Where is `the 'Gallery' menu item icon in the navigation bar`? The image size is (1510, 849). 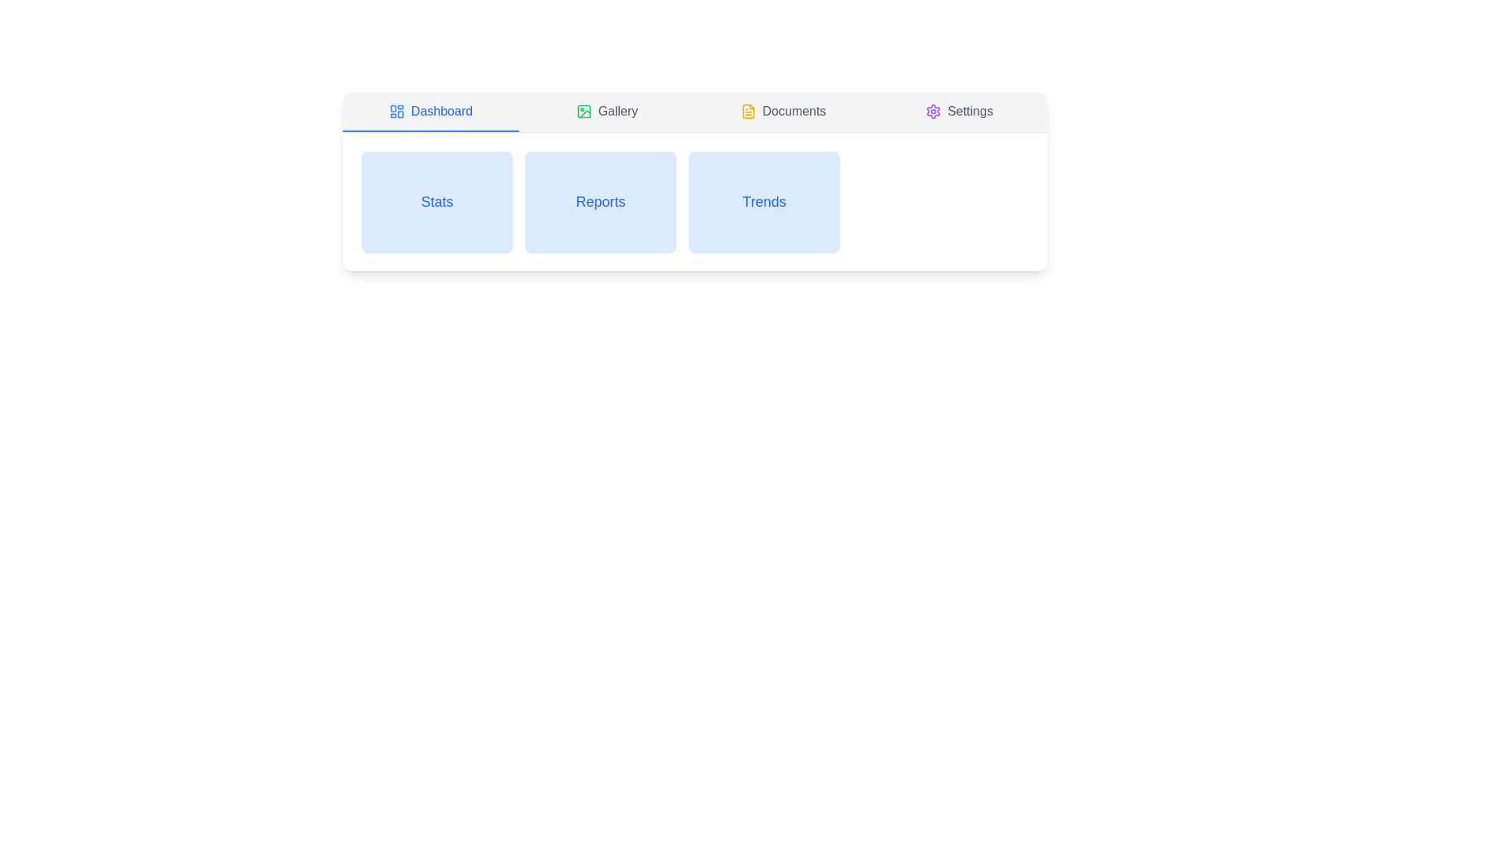
the 'Gallery' menu item icon in the navigation bar is located at coordinates (606, 111).